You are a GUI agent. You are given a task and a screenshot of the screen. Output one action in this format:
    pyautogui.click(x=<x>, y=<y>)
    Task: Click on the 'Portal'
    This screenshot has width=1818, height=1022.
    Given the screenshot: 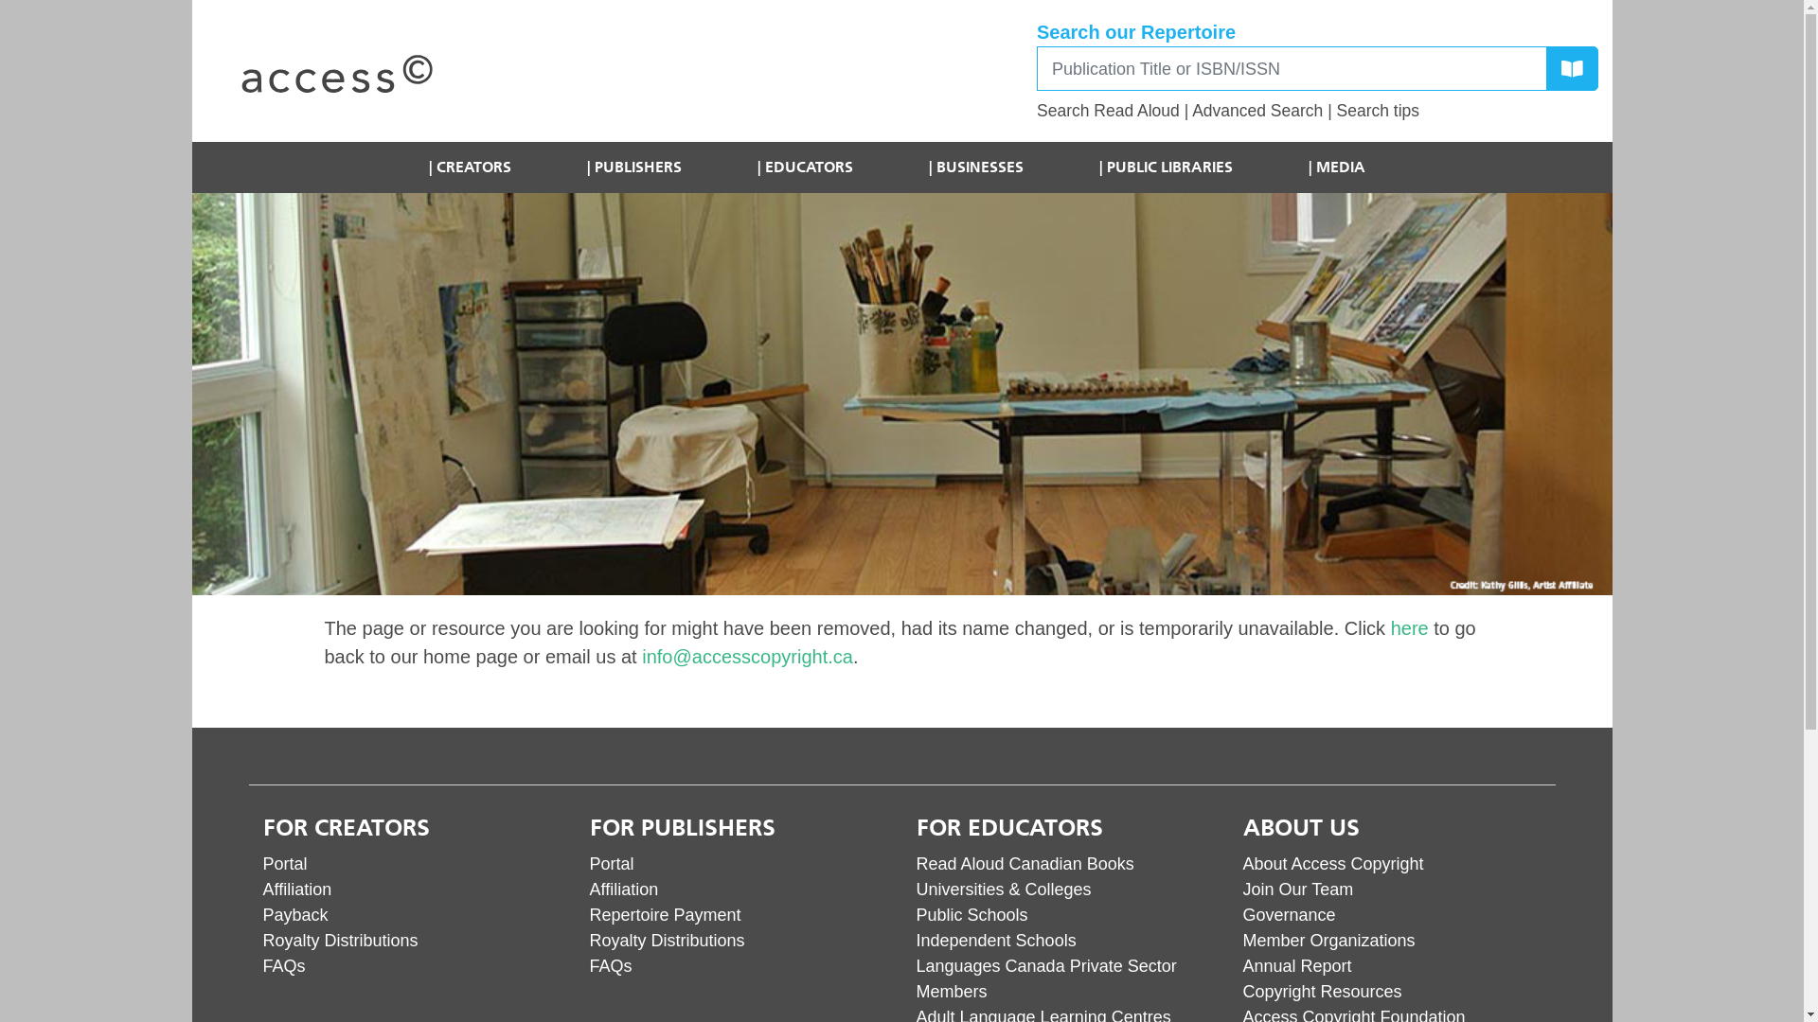 What is the action you would take?
    pyautogui.click(x=611, y=864)
    